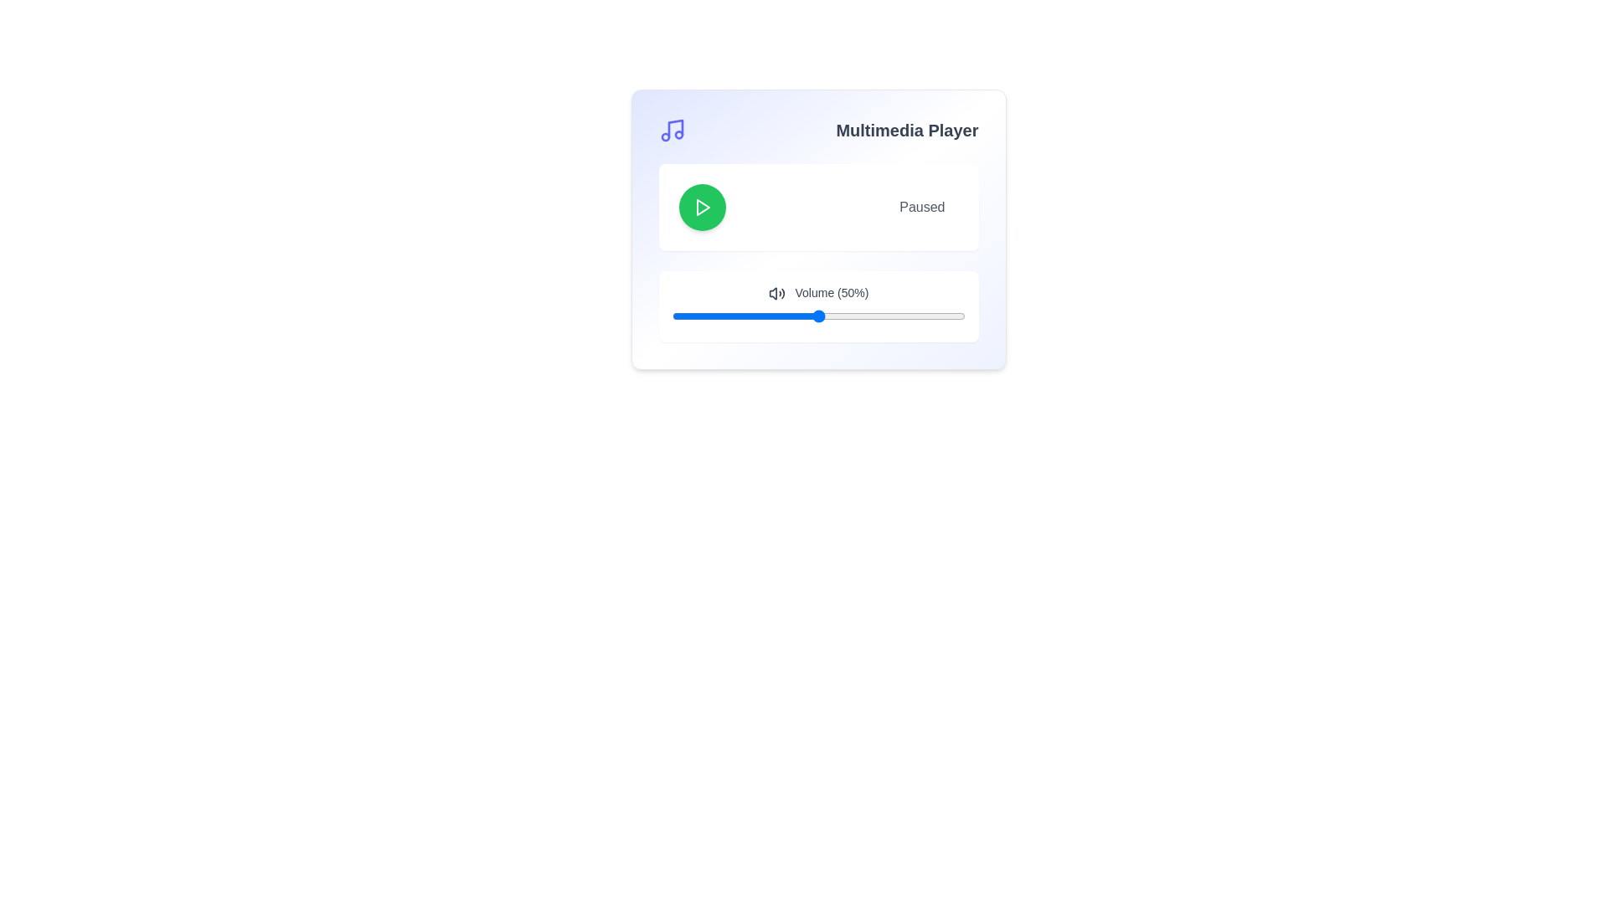 Image resolution: width=1608 pixels, height=904 pixels. I want to click on volume, so click(703, 316).